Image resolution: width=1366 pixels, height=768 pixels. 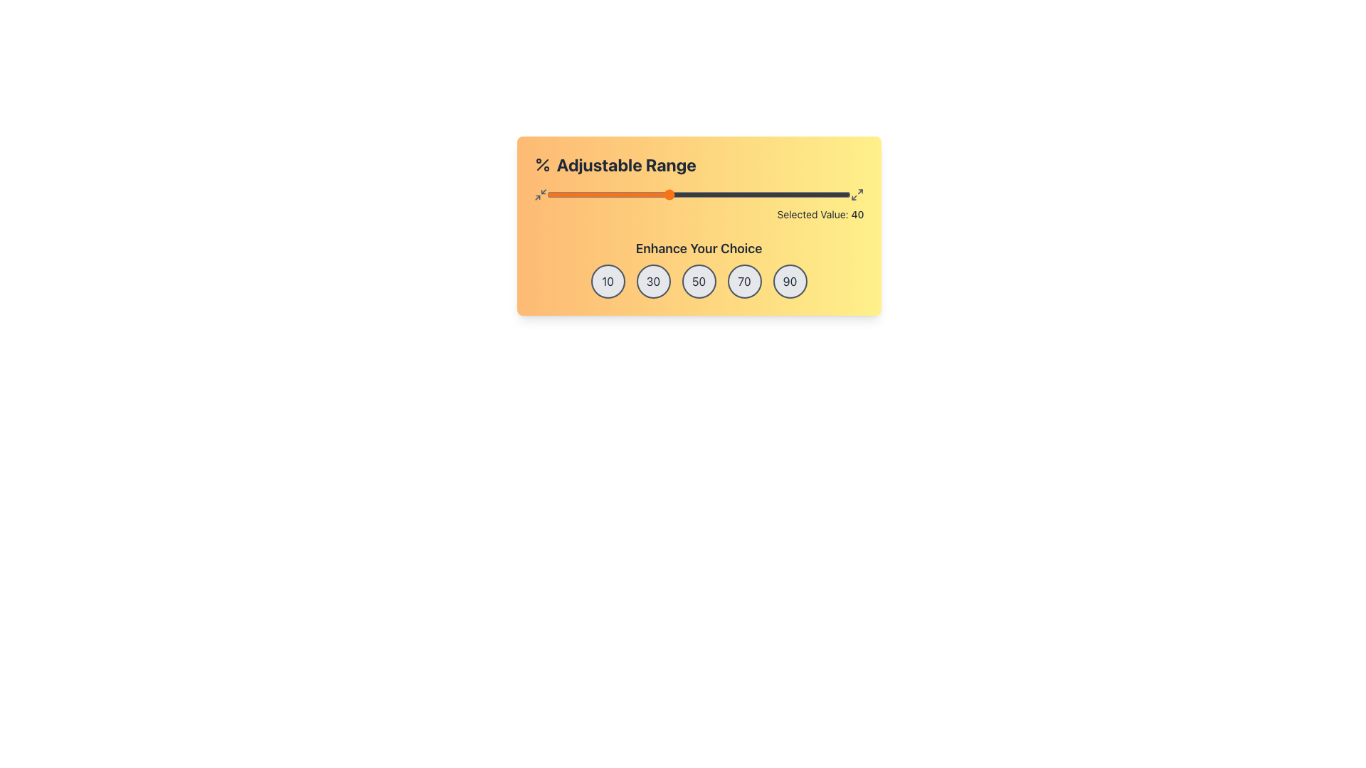 I want to click on the slider, so click(x=720, y=194).